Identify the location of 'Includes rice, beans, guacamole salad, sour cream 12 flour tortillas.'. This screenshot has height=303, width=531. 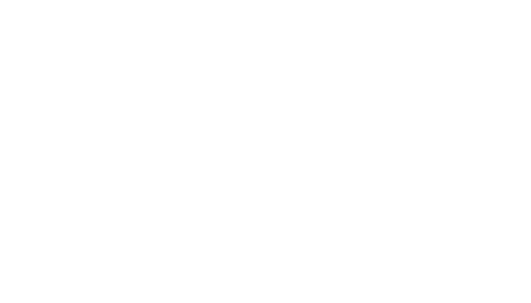
(217, 248).